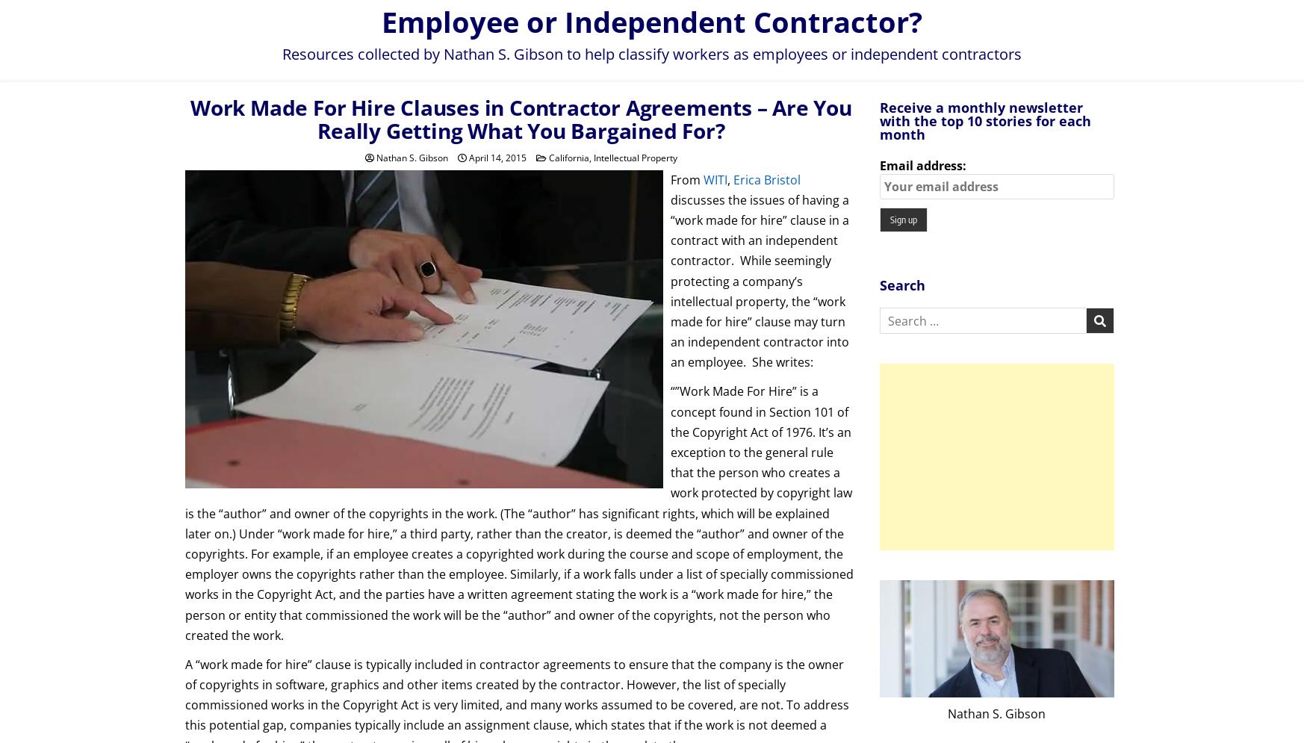  What do you see at coordinates (652, 53) in the screenshot?
I see `'Resources collected by Nathan S. Gibson to help classify workers as employees or independent contractors'` at bounding box center [652, 53].